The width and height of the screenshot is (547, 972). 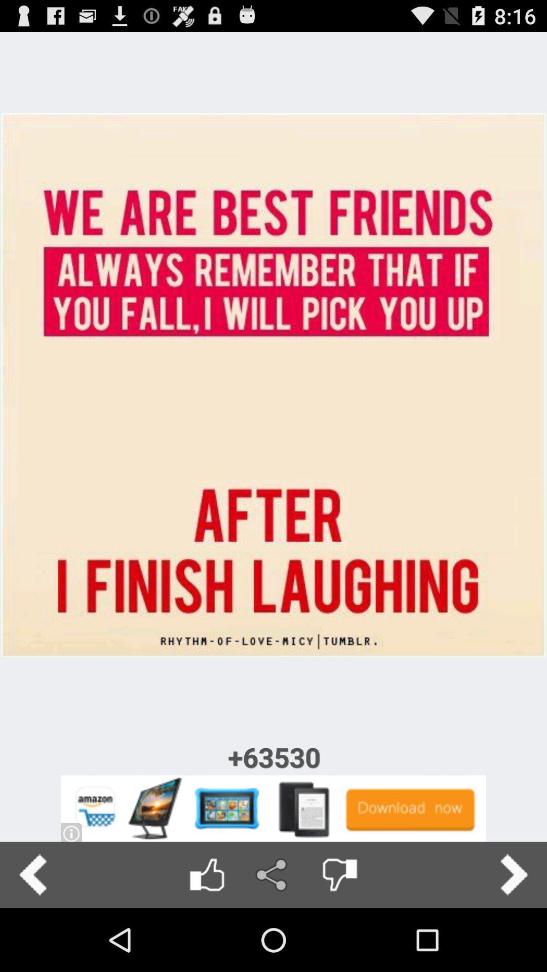 I want to click on share the article, so click(x=272, y=874).